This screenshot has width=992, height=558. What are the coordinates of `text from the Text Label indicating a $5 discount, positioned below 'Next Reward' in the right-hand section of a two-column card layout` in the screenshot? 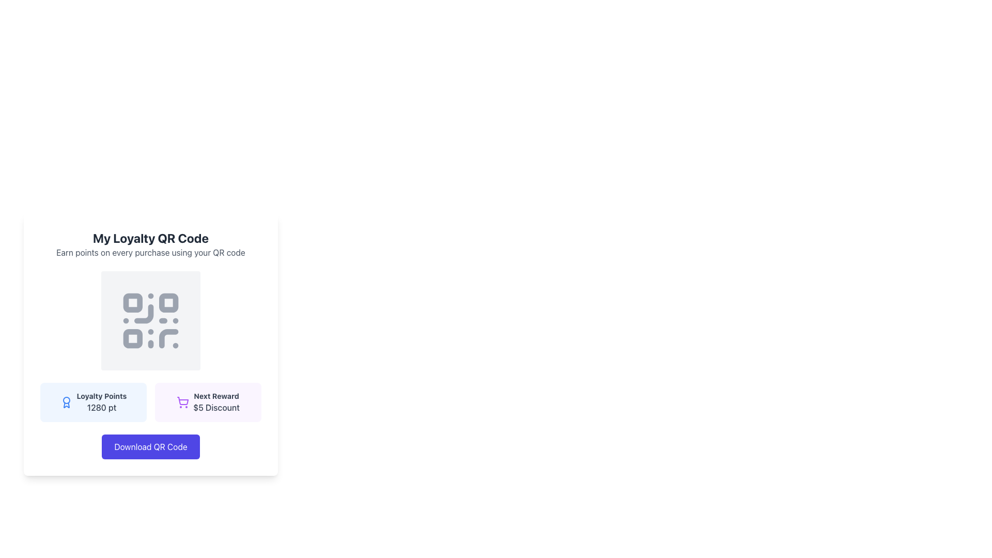 It's located at (215, 407).